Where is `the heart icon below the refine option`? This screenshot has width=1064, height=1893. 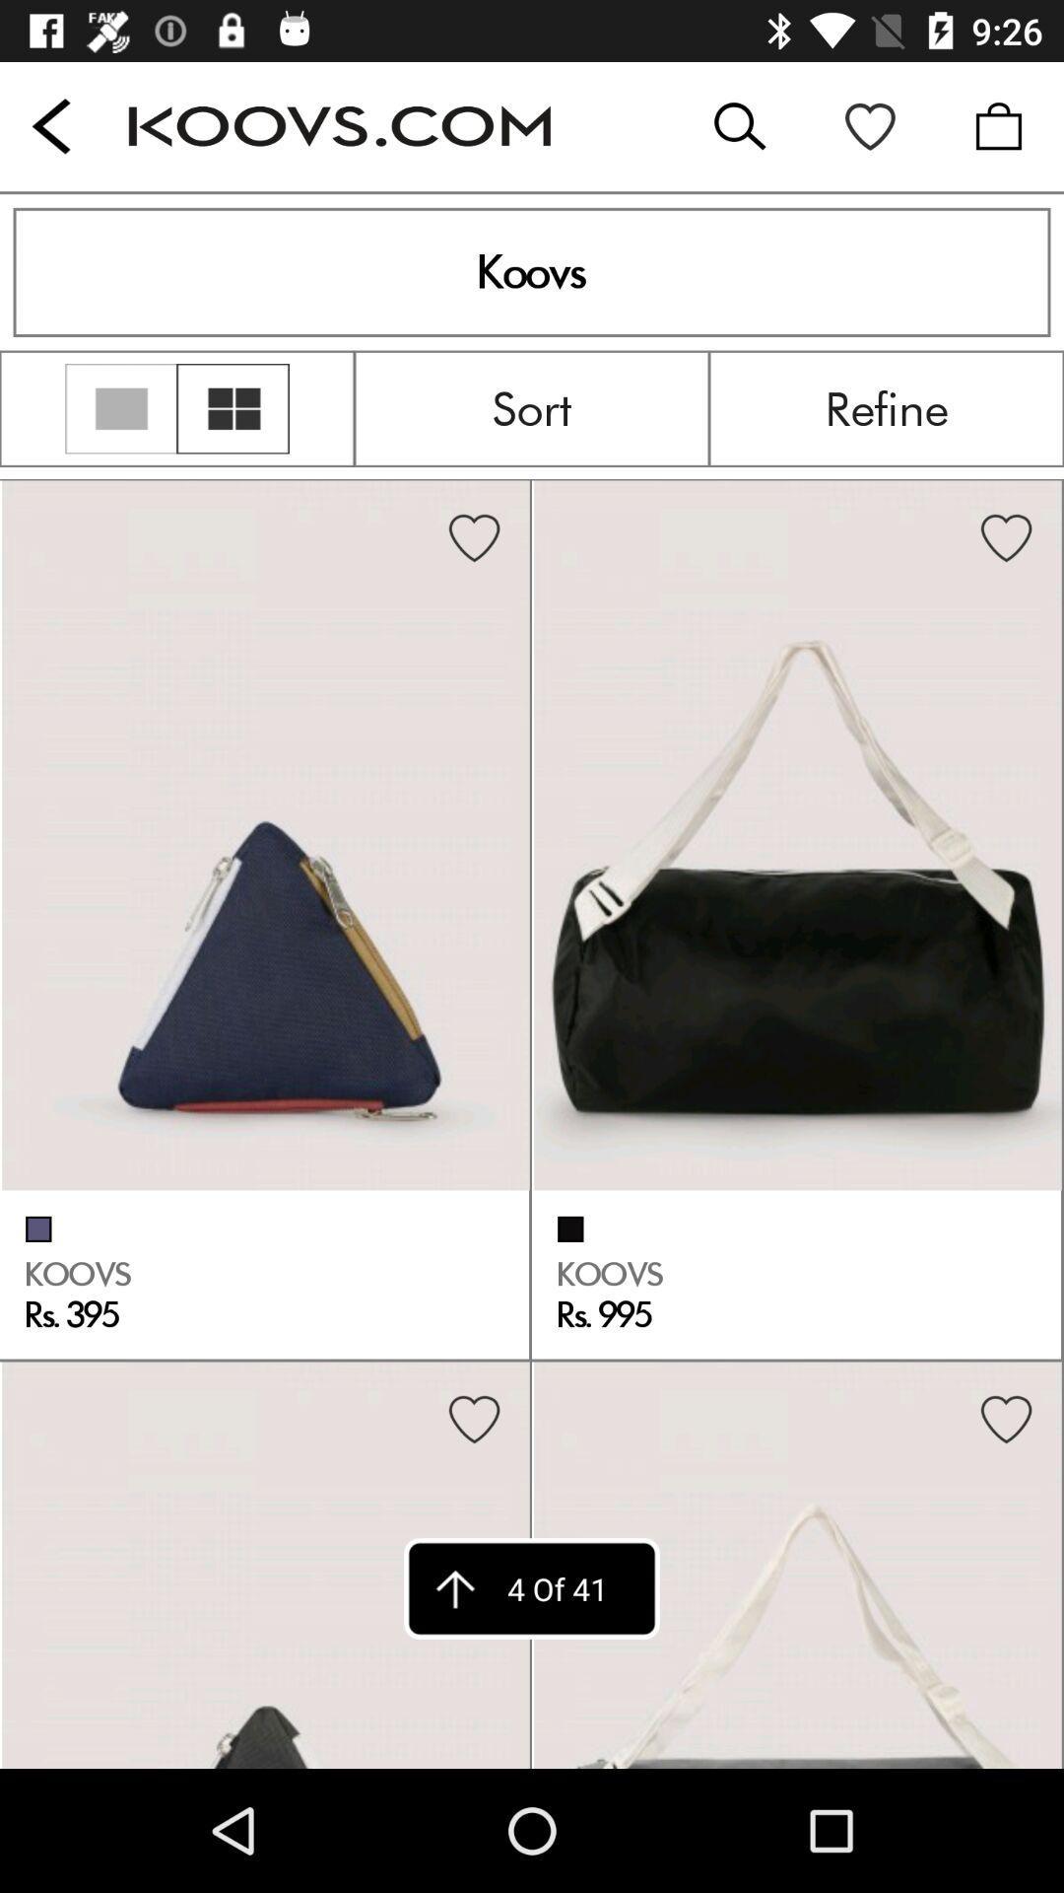 the heart icon below the refine option is located at coordinates (1006, 539).